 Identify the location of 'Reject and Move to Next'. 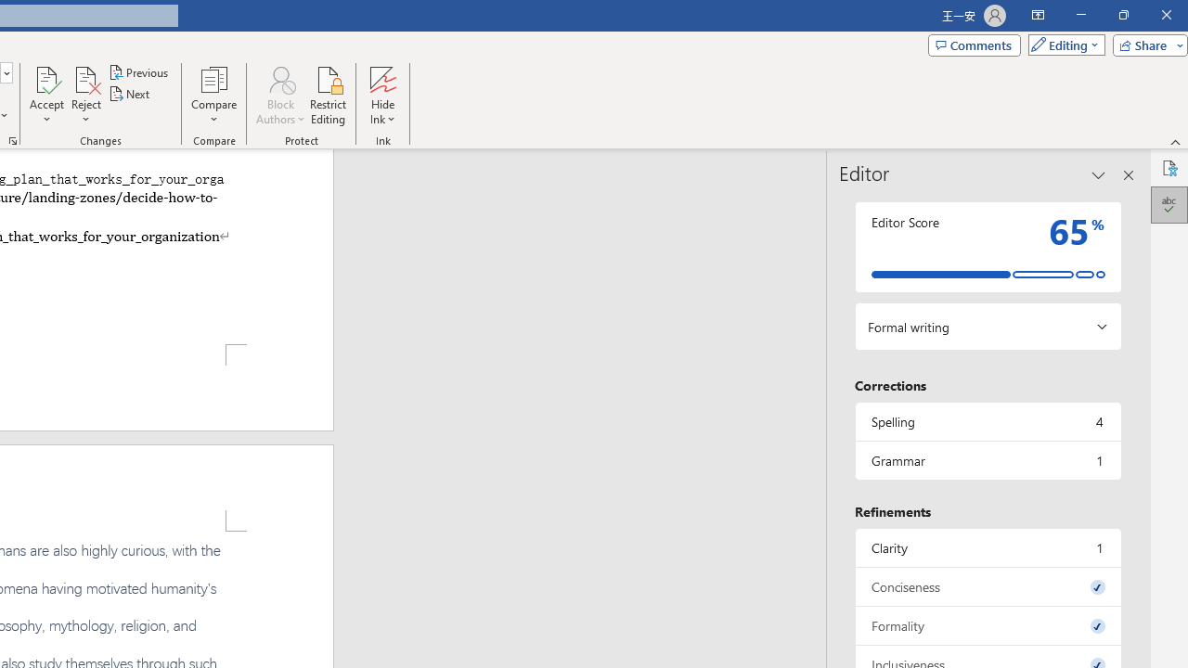
(84, 78).